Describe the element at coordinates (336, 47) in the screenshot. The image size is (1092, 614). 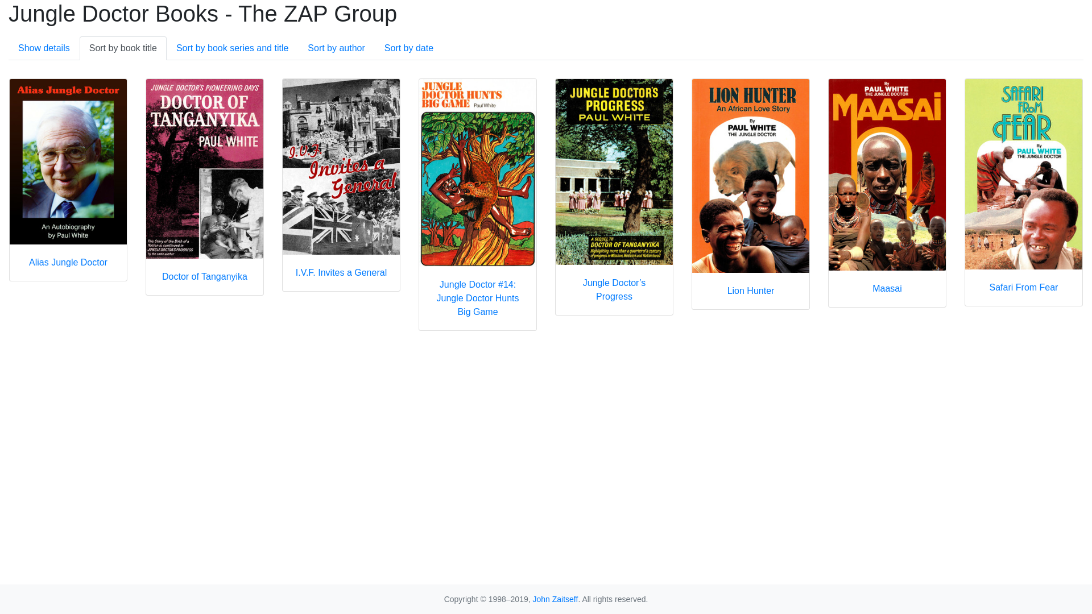
I see `'Sort by author'` at that location.